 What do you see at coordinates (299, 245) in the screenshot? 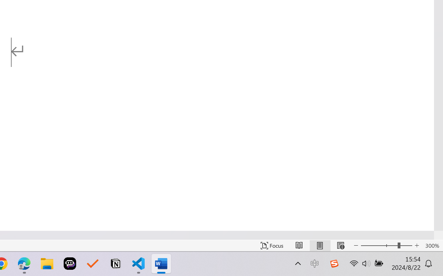
I see `'Read Mode'` at bounding box center [299, 245].